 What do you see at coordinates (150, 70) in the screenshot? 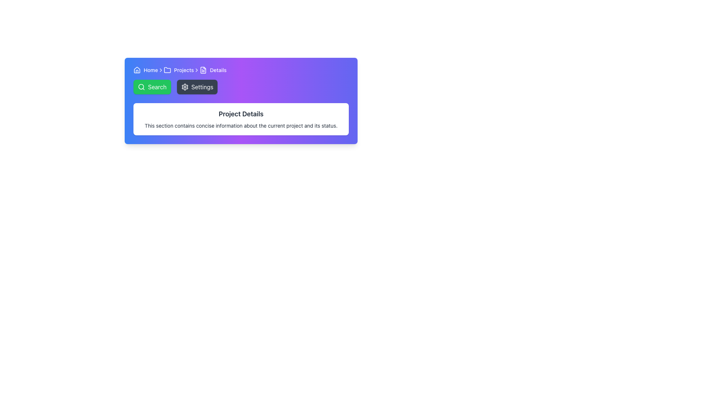
I see `the 'Home' text label in the navigation bar, which is displayed in white on a blue background and is located at the top of the interface` at bounding box center [150, 70].